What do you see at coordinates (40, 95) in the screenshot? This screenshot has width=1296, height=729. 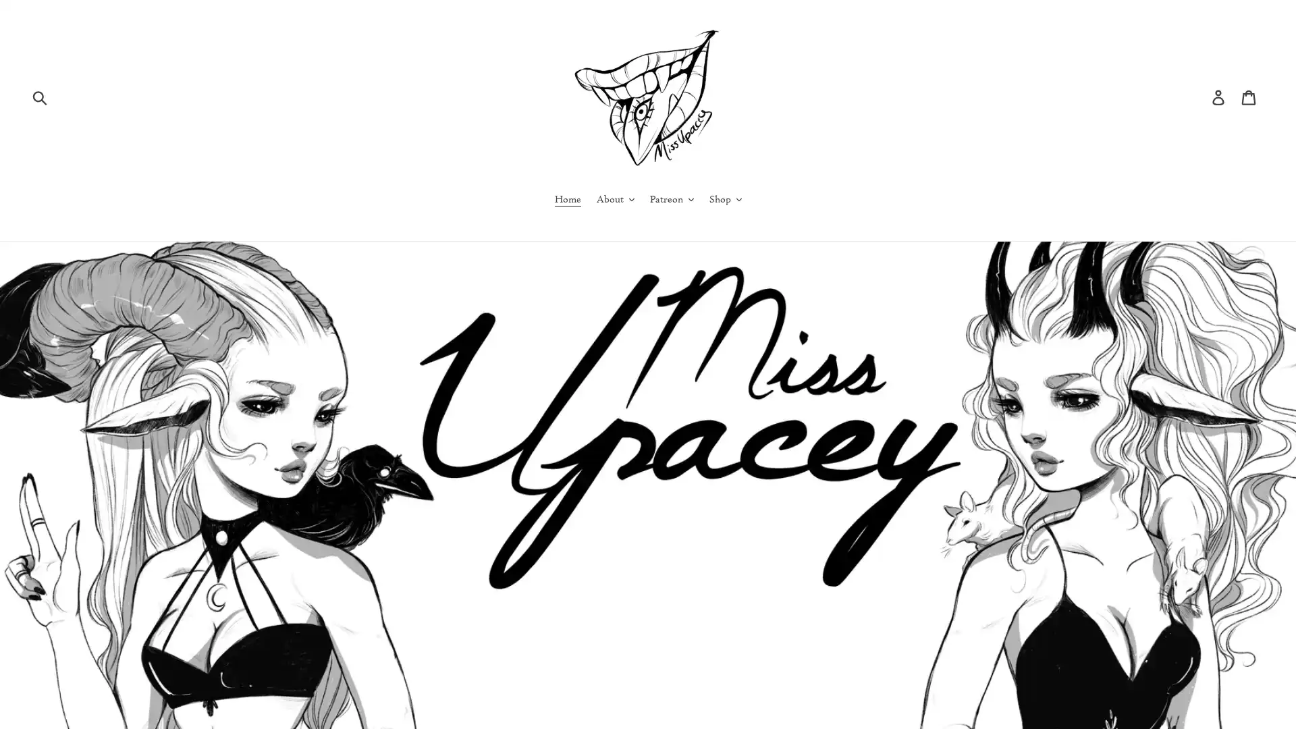 I see `Submit` at bounding box center [40, 95].